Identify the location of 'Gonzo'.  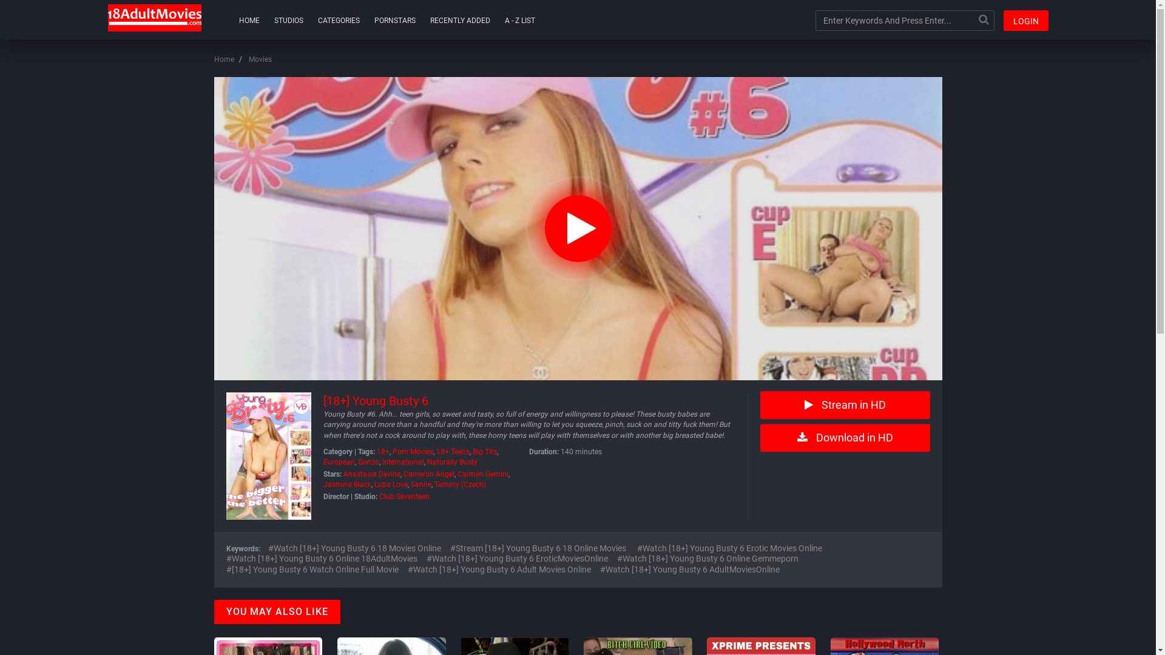
(368, 462).